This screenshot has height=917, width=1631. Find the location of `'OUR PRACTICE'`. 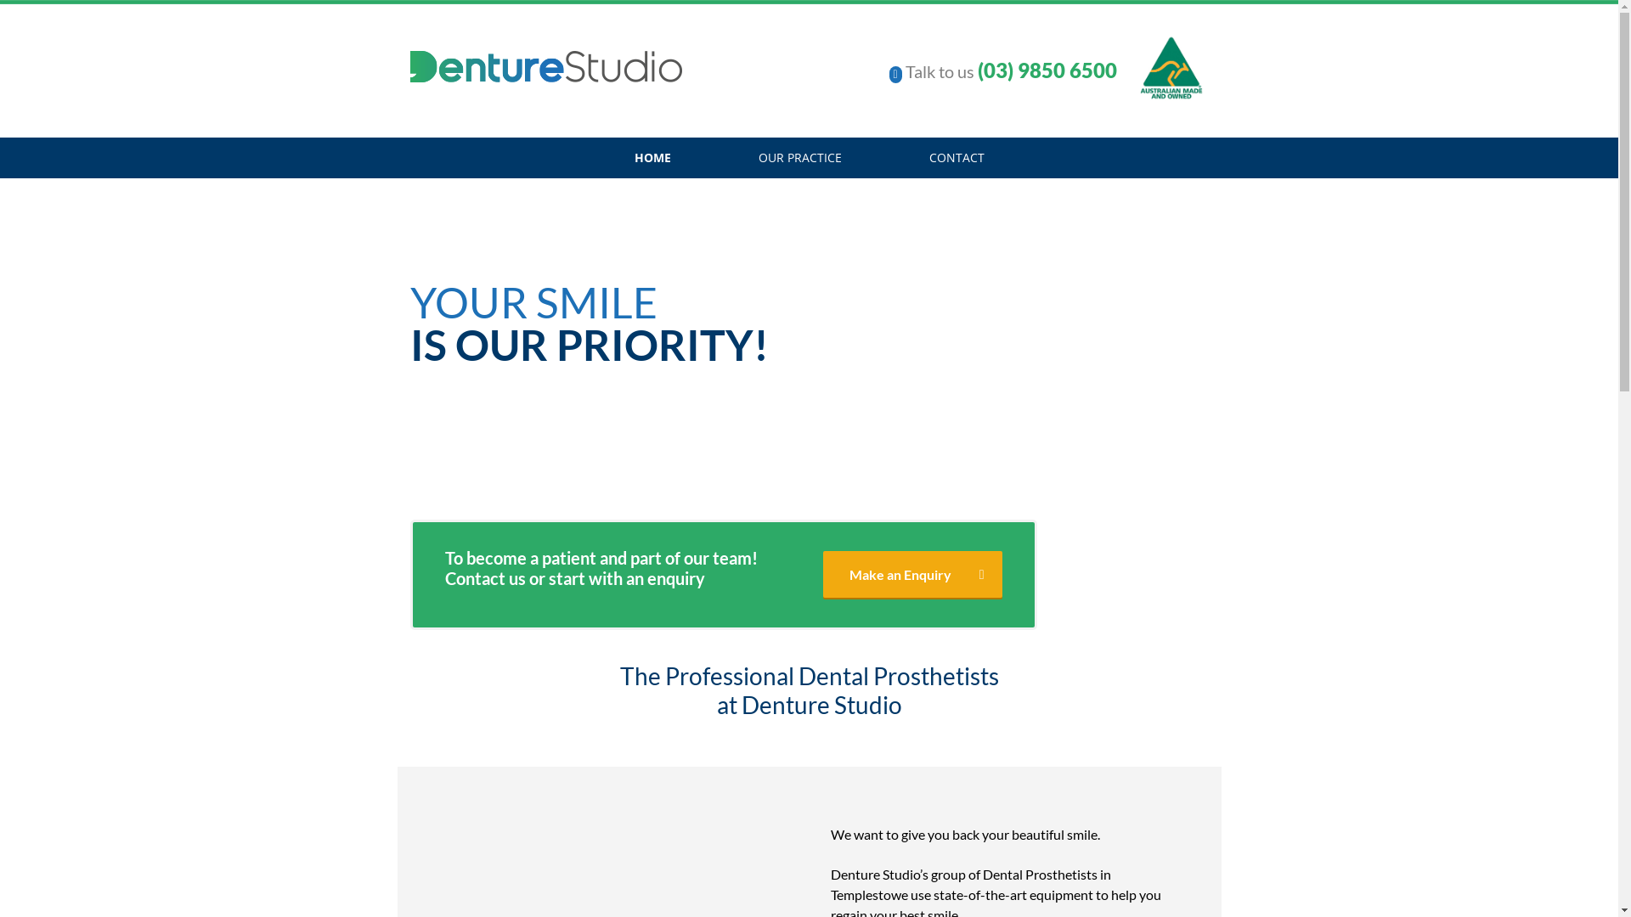

'OUR PRACTICE' is located at coordinates (798, 157).